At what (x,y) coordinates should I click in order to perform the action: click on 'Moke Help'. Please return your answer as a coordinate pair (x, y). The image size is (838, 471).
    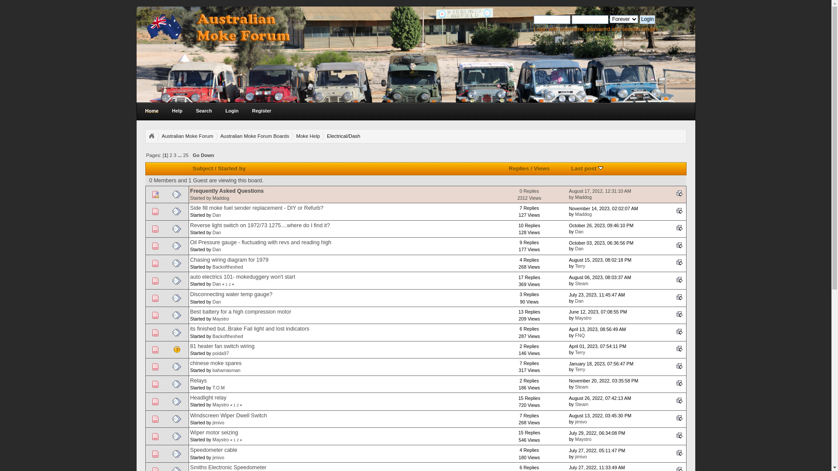
    Looking at the image, I should click on (295, 136).